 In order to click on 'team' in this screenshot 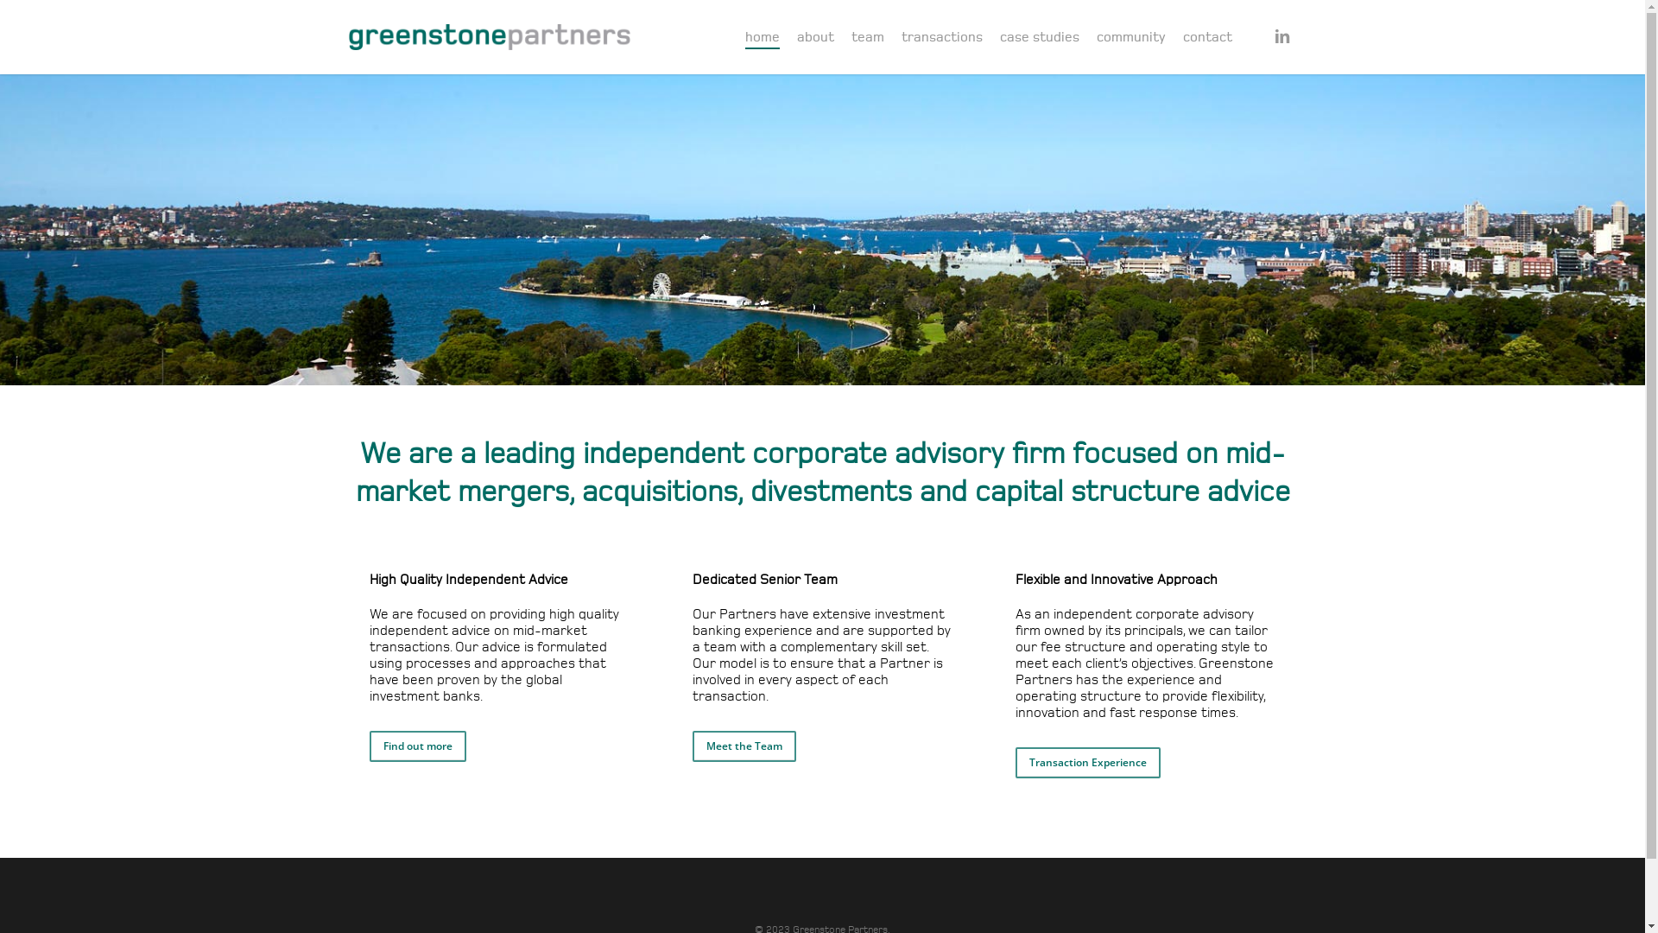, I will do `click(867, 36)`.